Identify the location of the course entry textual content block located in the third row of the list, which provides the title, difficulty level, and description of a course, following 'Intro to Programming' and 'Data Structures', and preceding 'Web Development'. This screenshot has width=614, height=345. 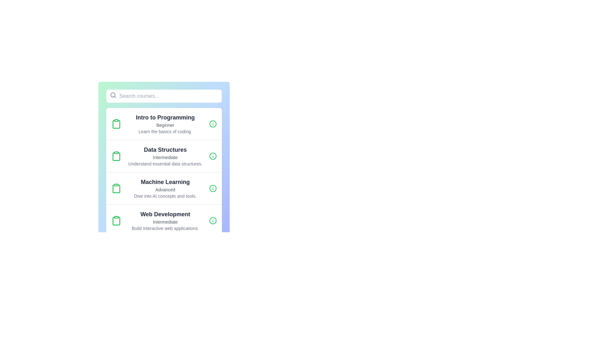
(165, 188).